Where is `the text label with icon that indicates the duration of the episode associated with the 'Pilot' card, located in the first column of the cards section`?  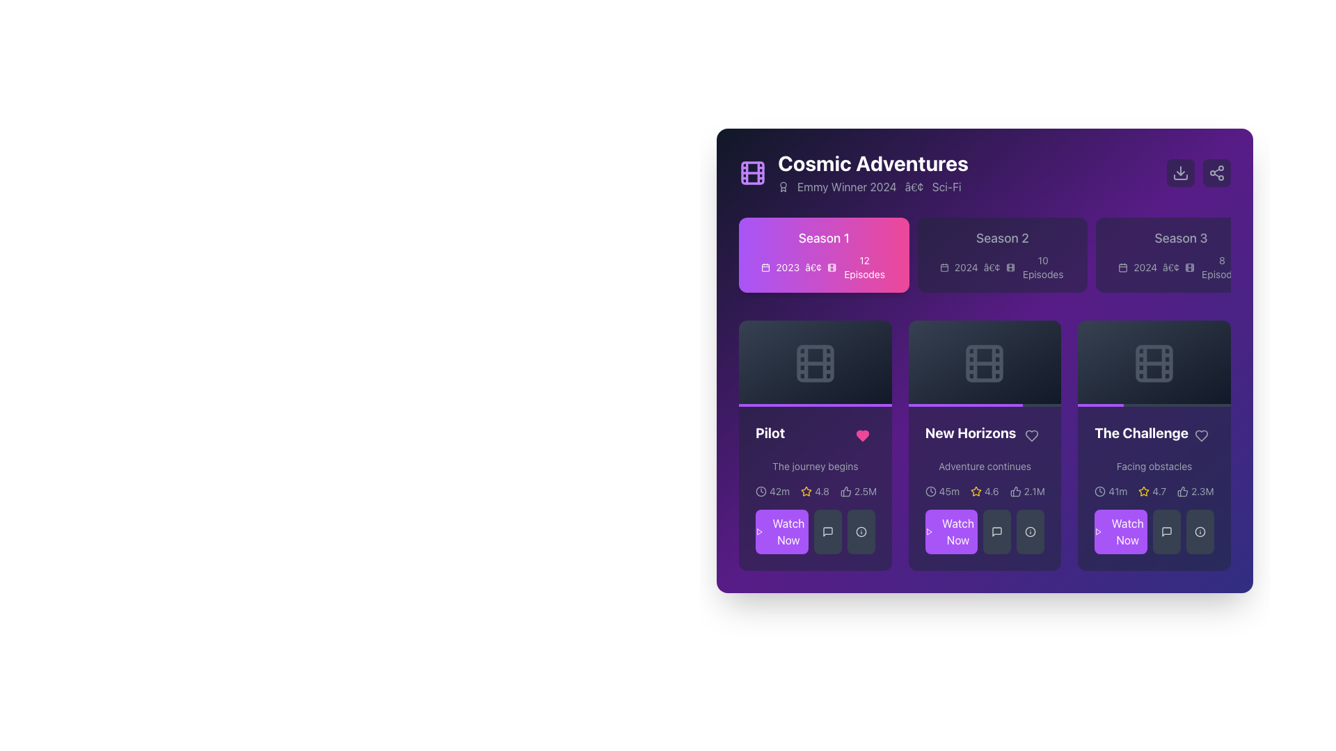
the text label with icon that indicates the duration of the episode associated with the 'Pilot' card, located in the first column of the cards section is located at coordinates (772, 490).